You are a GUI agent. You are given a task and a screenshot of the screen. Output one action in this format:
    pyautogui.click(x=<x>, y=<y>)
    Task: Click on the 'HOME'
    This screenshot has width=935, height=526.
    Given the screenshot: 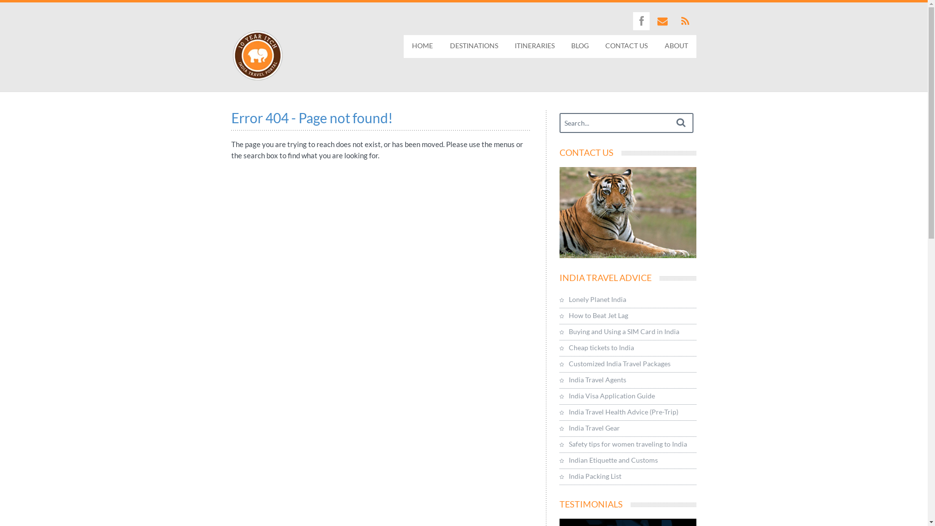 What is the action you would take?
    pyautogui.click(x=422, y=46)
    